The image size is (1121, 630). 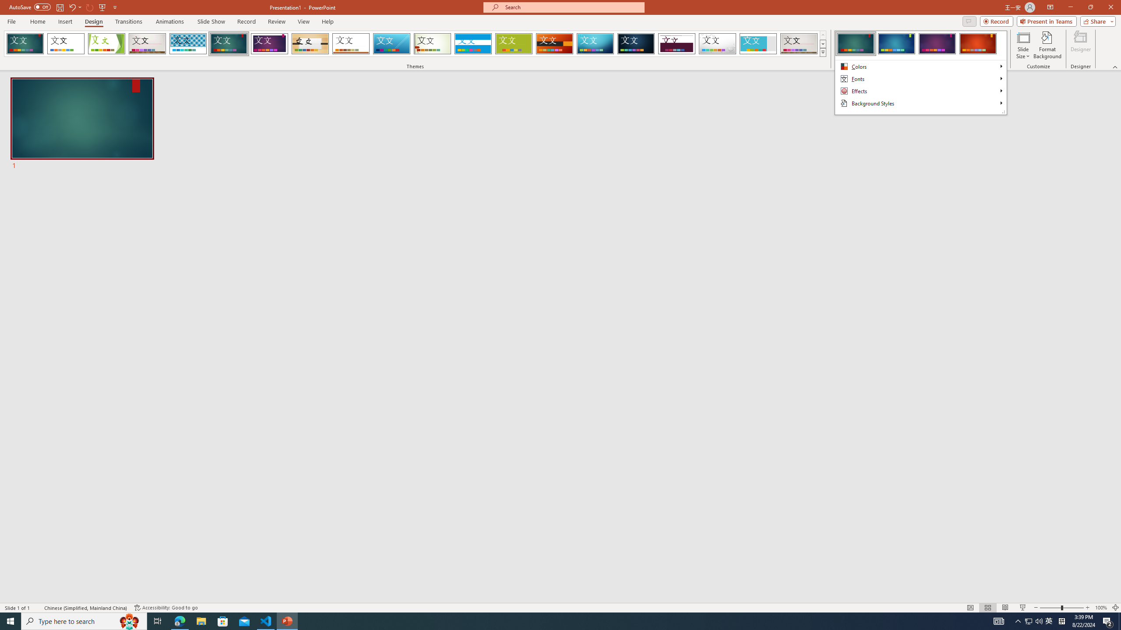 I want to click on 'Dividend Loading Preview...', so click(x=677, y=43).